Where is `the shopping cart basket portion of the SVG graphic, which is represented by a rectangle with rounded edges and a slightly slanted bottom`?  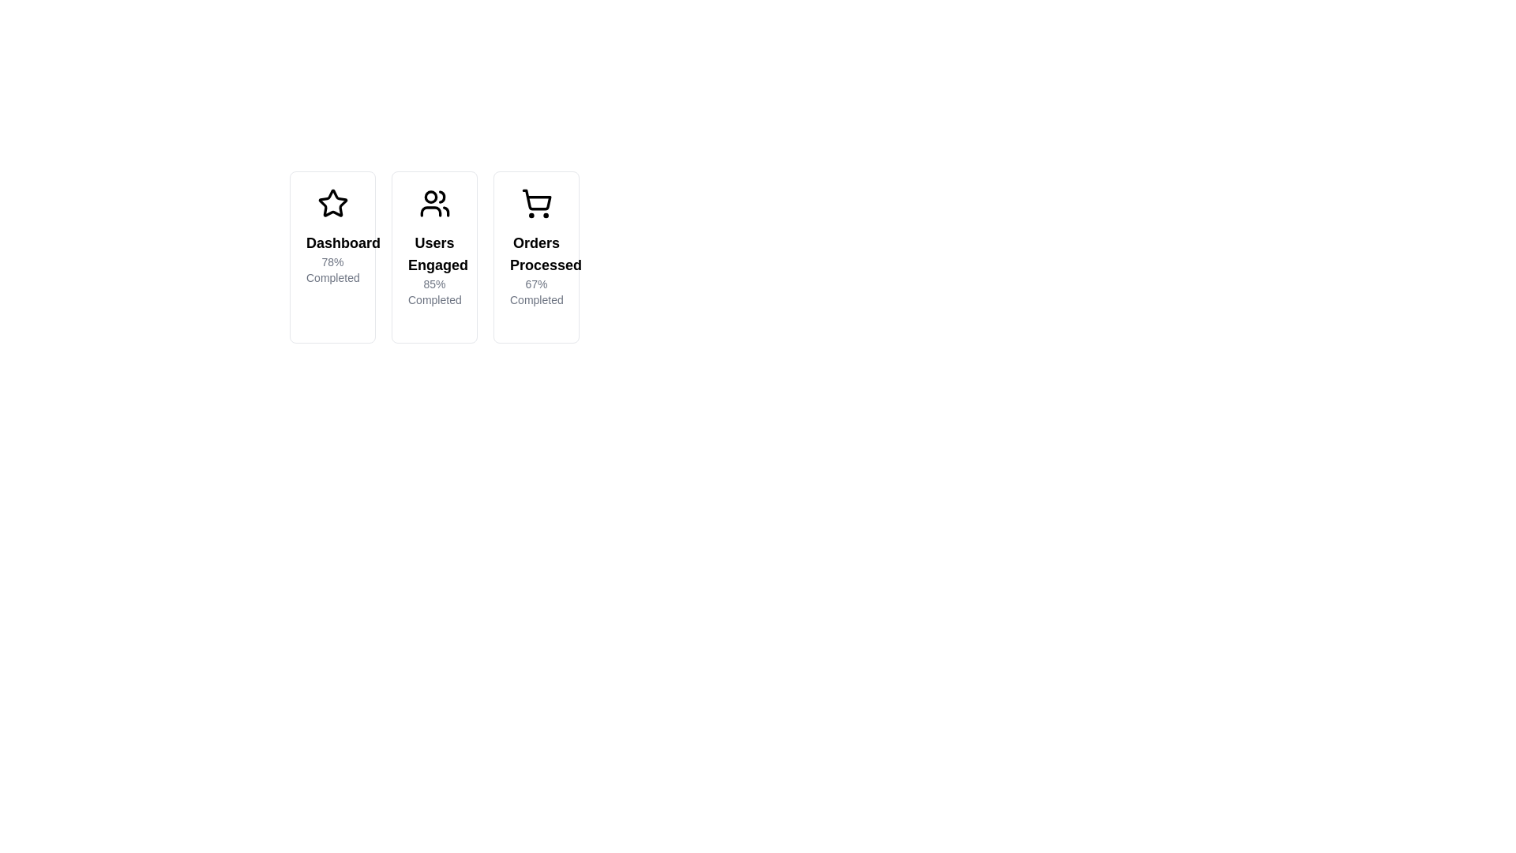
the shopping cart basket portion of the SVG graphic, which is represented by a rectangle with rounded edges and a slightly slanted bottom is located at coordinates (536, 199).